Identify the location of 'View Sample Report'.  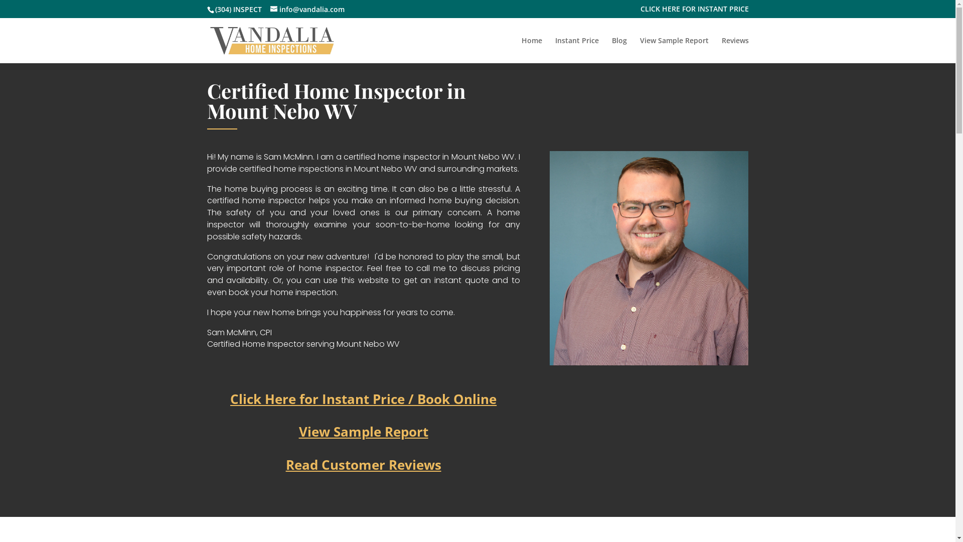
(639, 50).